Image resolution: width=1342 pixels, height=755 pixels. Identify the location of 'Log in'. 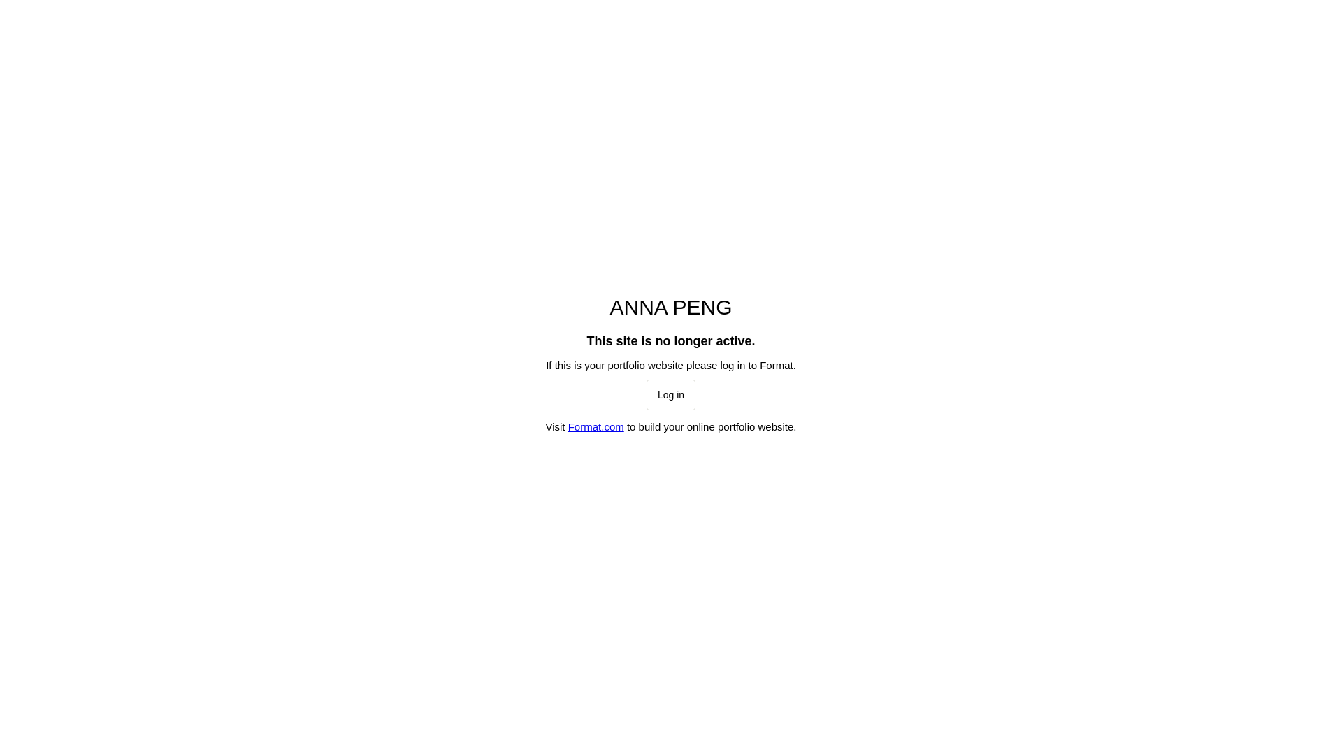
(671, 394).